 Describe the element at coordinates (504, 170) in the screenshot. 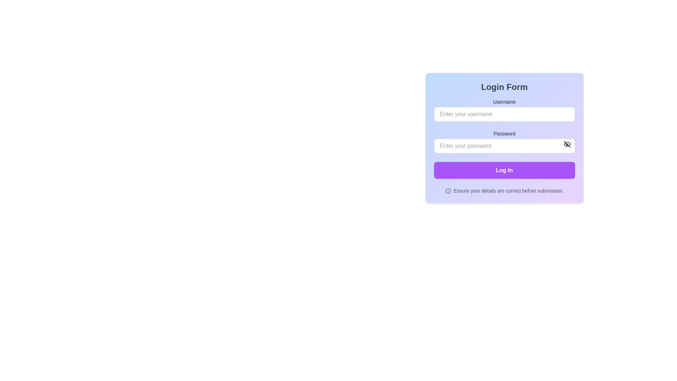

I see `the 'Log In' button, which has a purple background and white text, located centrally at the bottom of the form panel` at that location.